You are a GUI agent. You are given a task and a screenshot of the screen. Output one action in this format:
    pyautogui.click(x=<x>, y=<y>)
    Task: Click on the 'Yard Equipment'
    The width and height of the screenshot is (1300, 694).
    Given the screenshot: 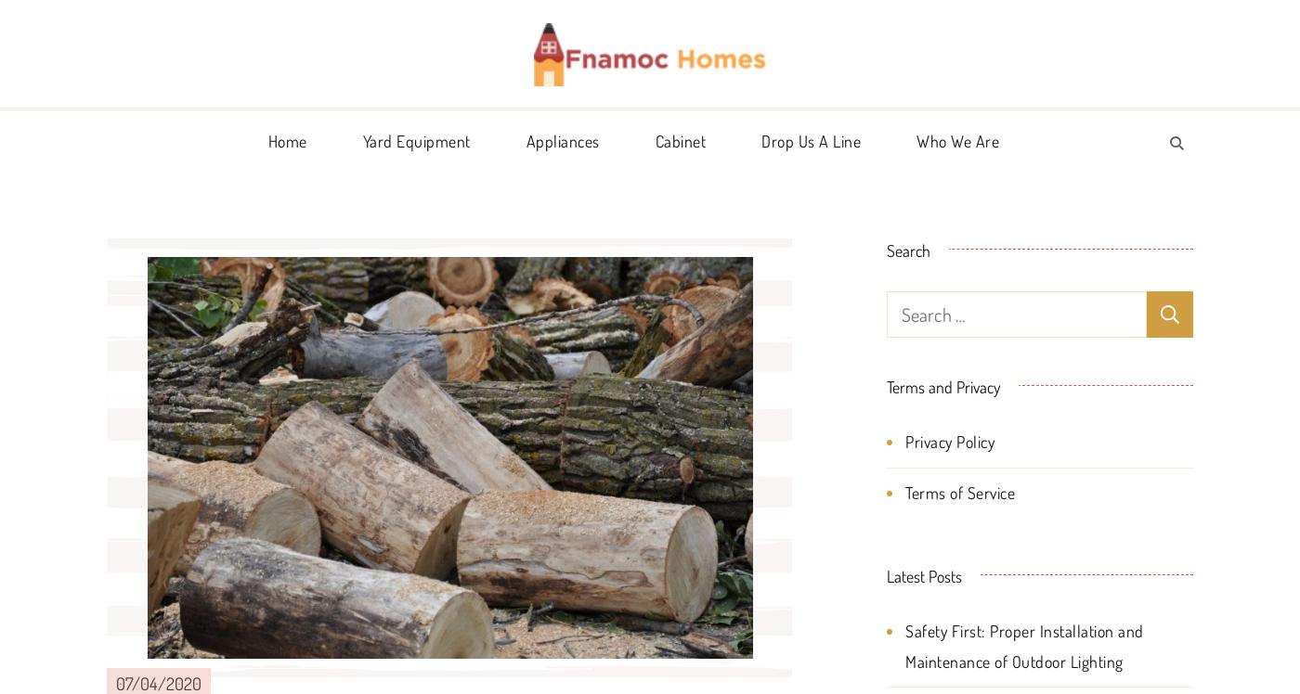 What is the action you would take?
    pyautogui.click(x=416, y=139)
    